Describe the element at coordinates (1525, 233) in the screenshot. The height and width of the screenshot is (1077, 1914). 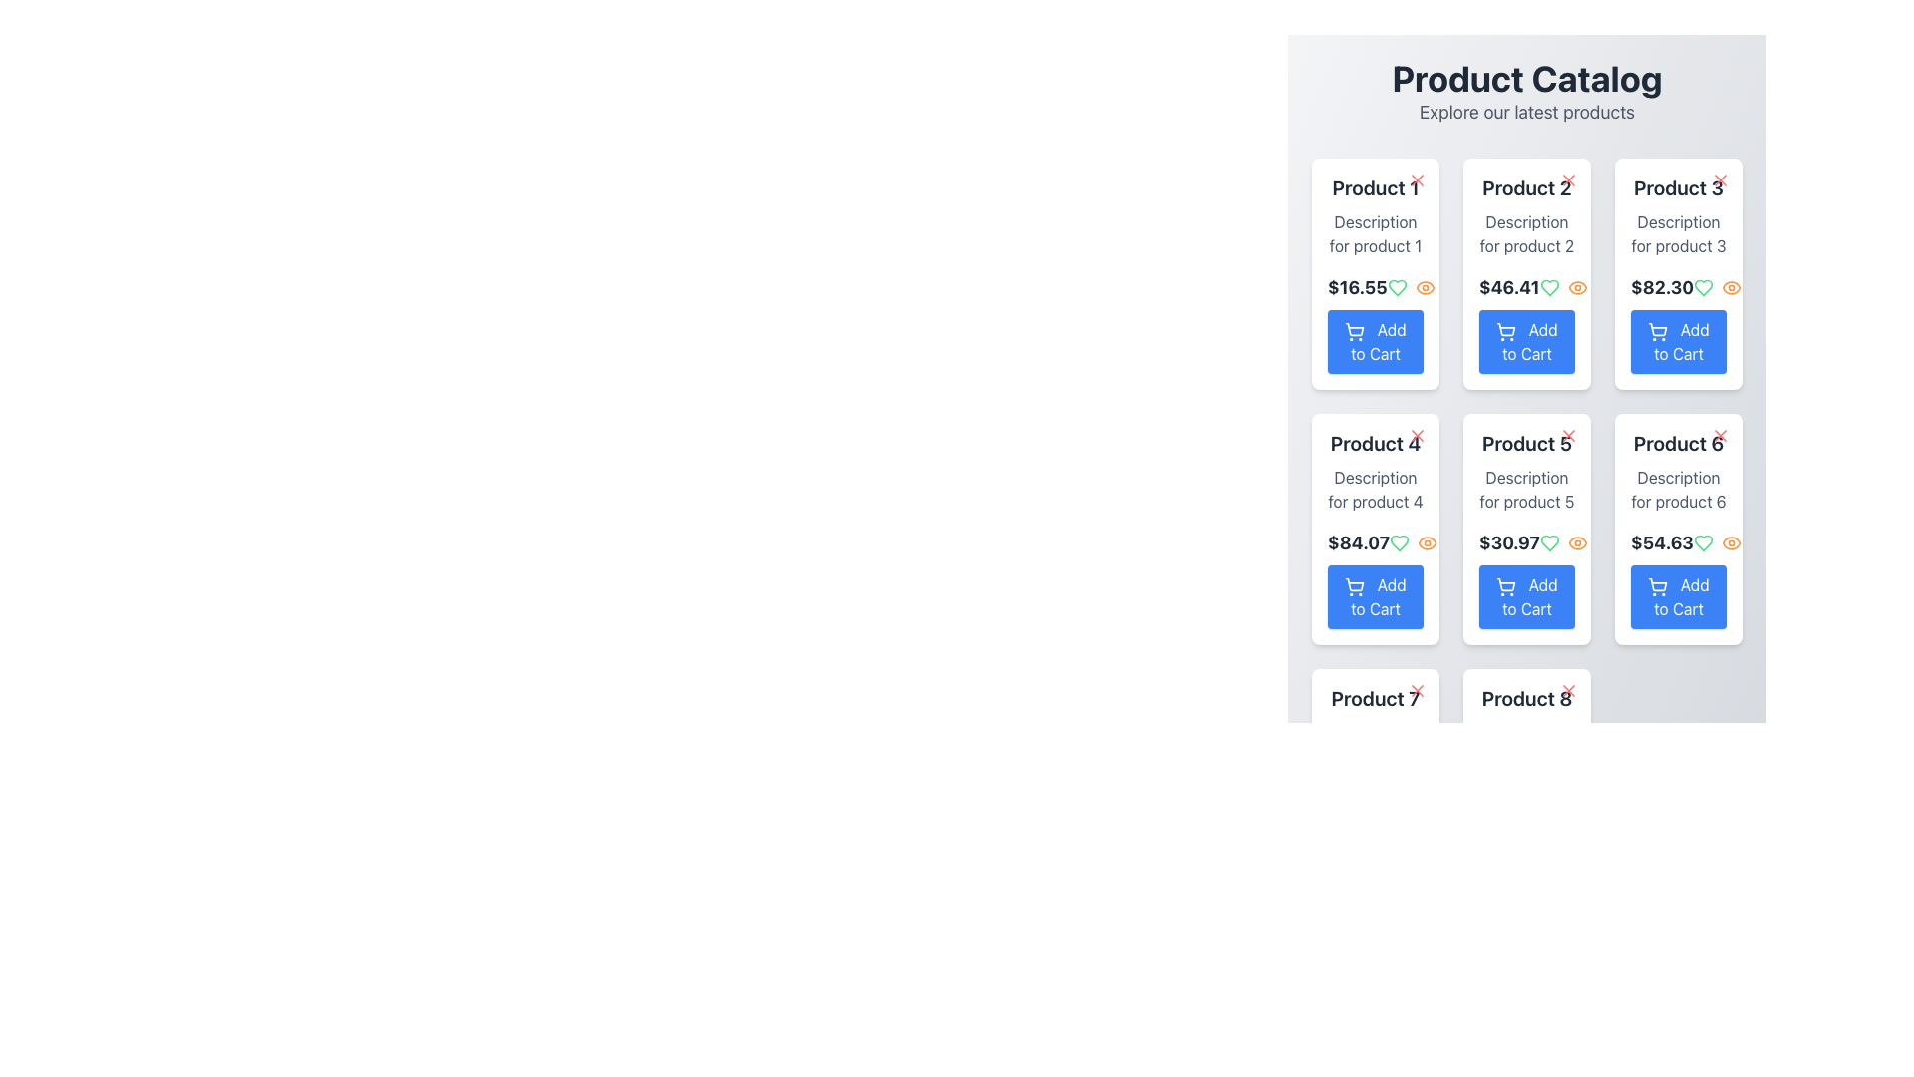
I see `the muted gray text block containing 'Description for product 2' within the product card for 'Product 2', positioned above the price '$46.41'` at that location.